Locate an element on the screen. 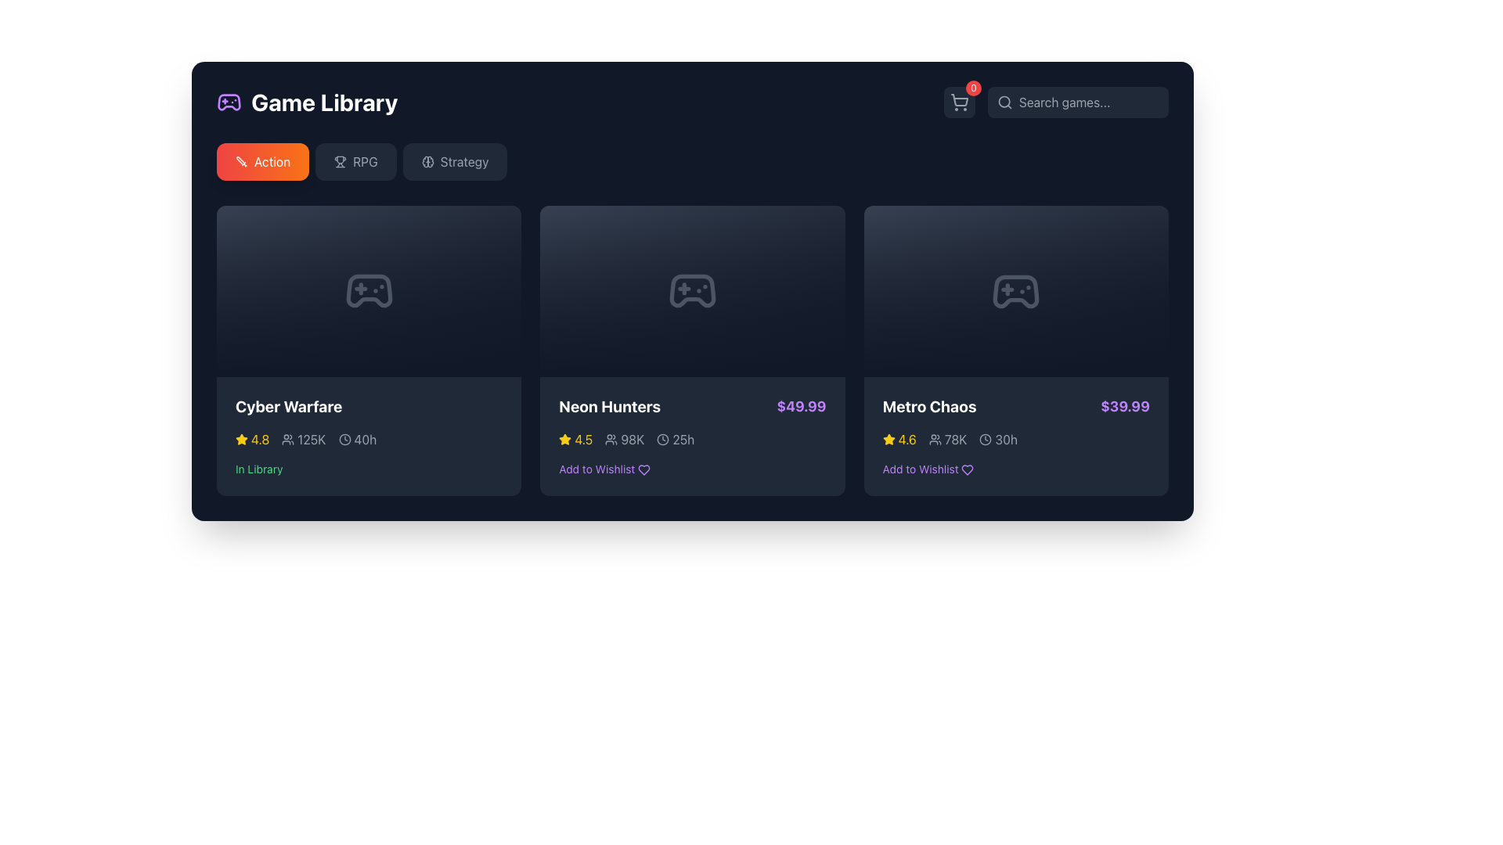 The width and height of the screenshot is (1503, 845). the button located at the bottom of the 'Metro Chaos' game card is located at coordinates (1015, 469).